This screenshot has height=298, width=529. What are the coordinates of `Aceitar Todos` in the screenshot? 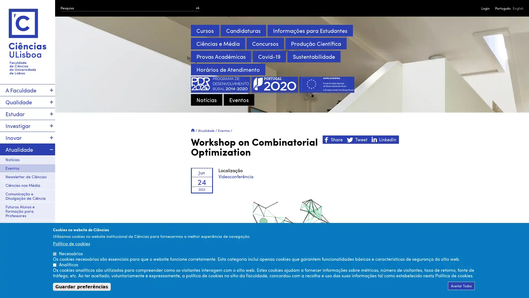 It's located at (461, 286).